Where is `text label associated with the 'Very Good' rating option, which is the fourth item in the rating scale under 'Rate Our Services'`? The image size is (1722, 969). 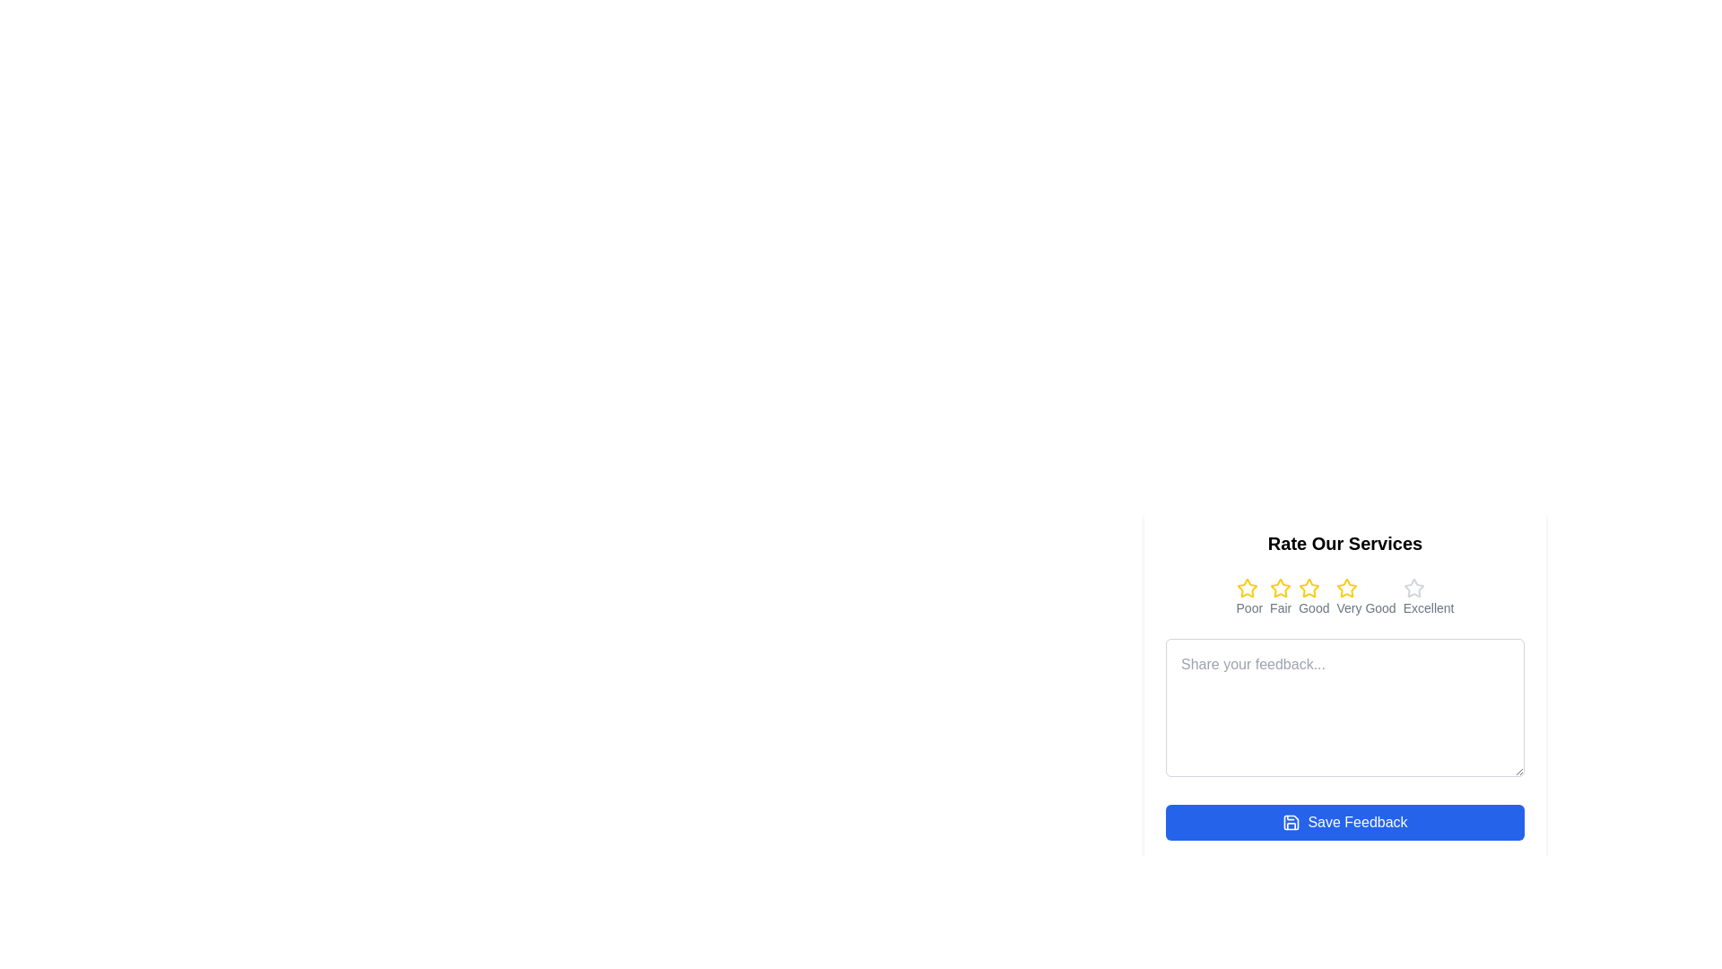
text label associated with the 'Very Good' rating option, which is the fourth item in the rating scale under 'Rate Our Services' is located at coordinates (1365, 598).